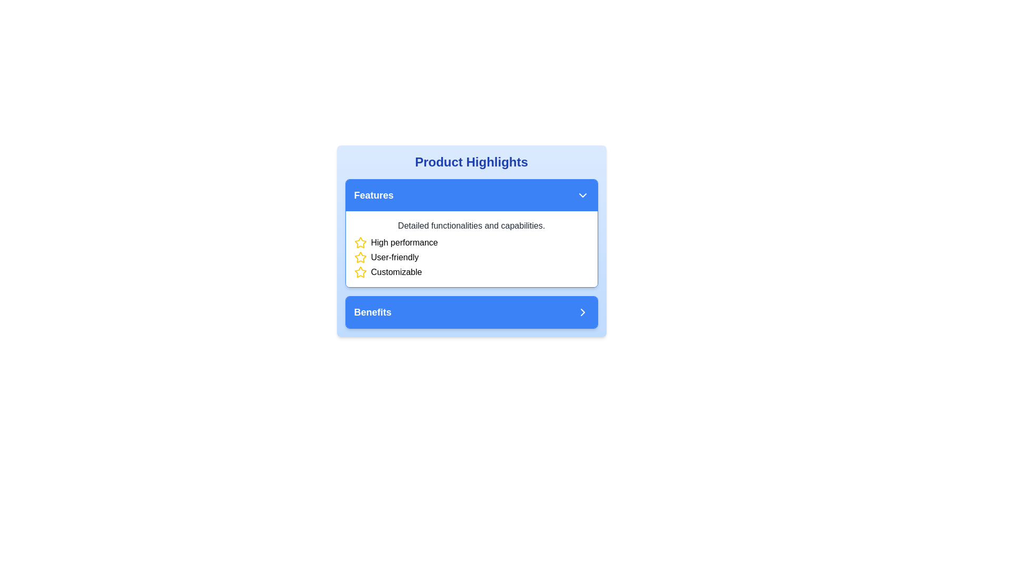  Describe the element at coordinates (394, 258) in the screenshot. I see `the black bold text label reading 'User-friendly', which is the second item in the 'Features' section of the feature list, located between 'High performance' and 'Customizable'` at that location.